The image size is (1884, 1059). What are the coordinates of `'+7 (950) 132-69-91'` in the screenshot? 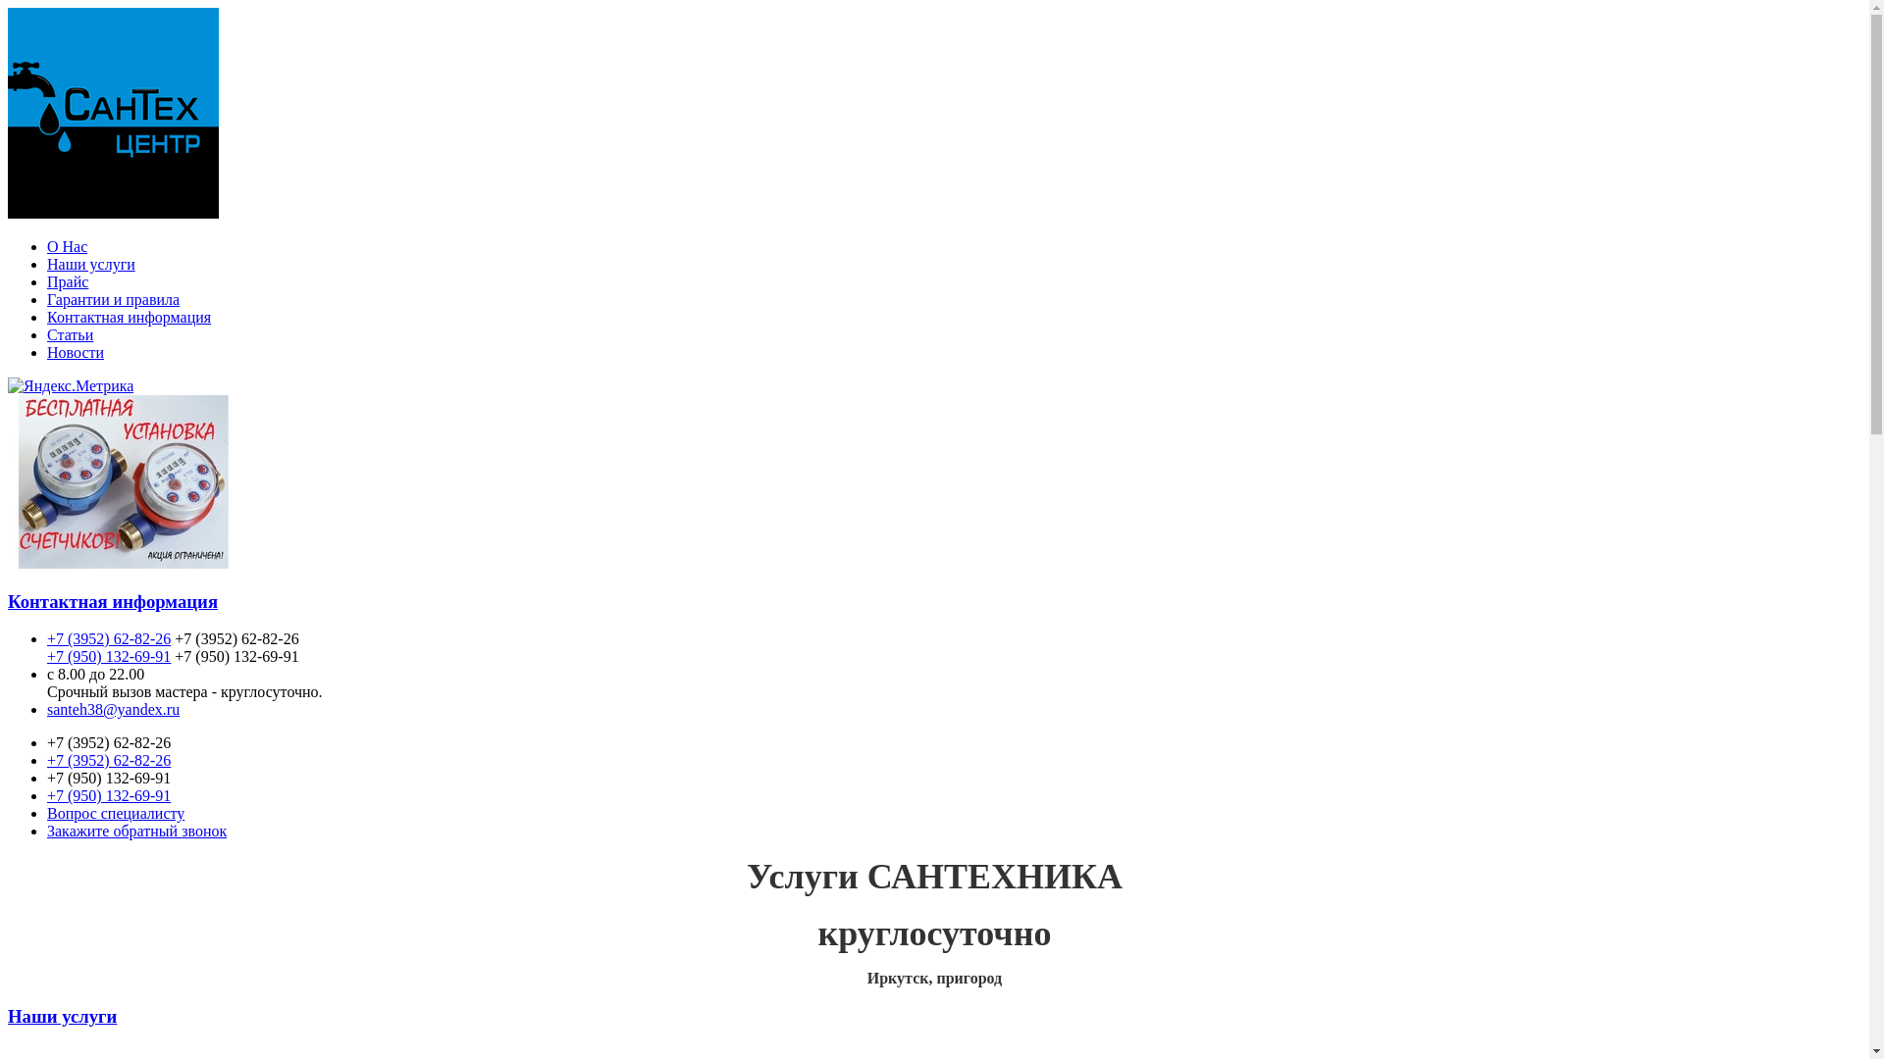 It's located at (107, 795).